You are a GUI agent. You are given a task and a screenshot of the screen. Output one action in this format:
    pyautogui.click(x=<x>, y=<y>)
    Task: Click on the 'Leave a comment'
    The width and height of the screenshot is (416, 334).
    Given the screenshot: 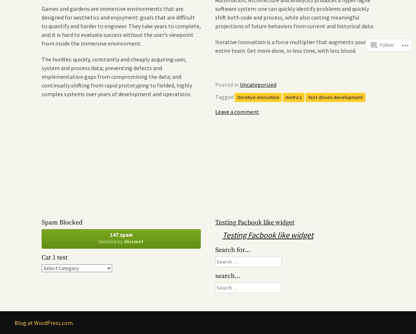 What is the action you would take?
    pyautogui.click(x=237, y=111)
    